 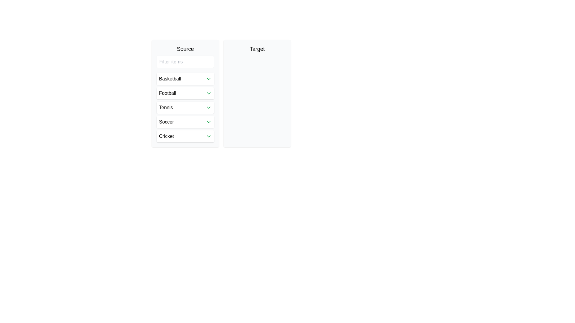 I want to click on the 'Soccer' dropdown menu item, so click(x=185, y=122).